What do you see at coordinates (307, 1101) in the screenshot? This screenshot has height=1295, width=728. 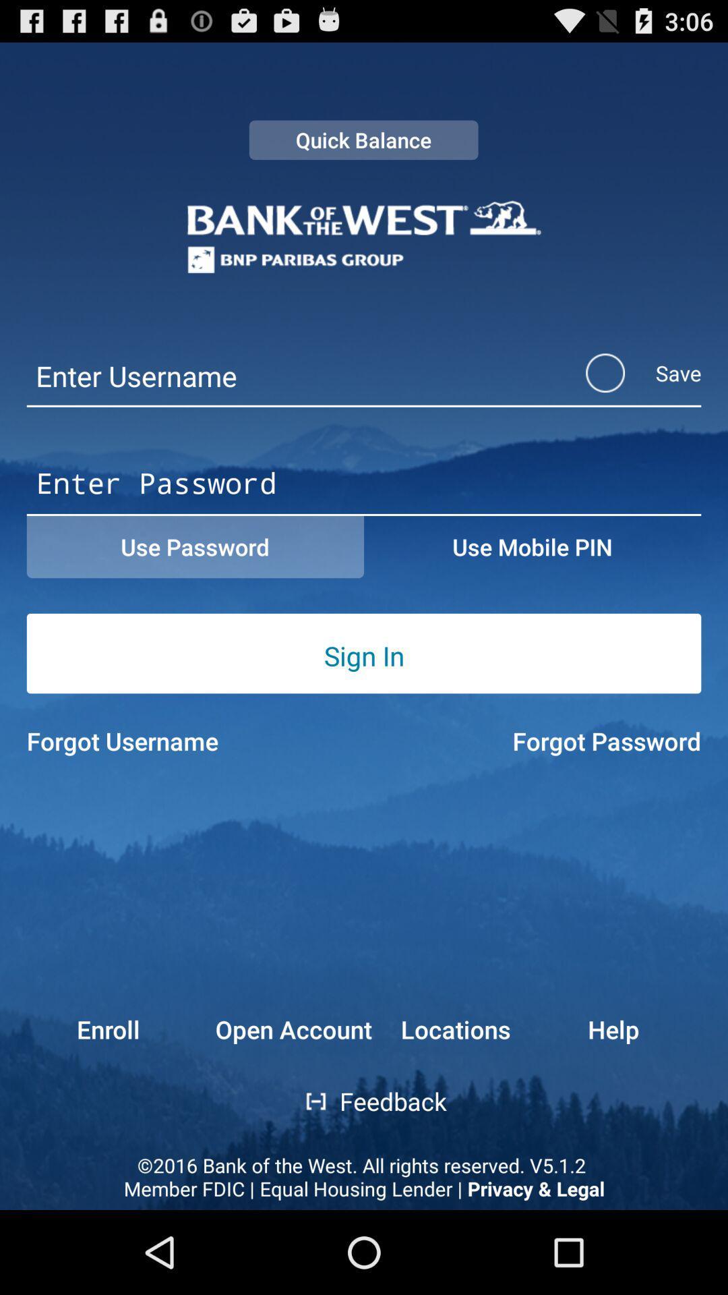 I see `the item above 2016 bank of app` at bounding box center [307, 1101].